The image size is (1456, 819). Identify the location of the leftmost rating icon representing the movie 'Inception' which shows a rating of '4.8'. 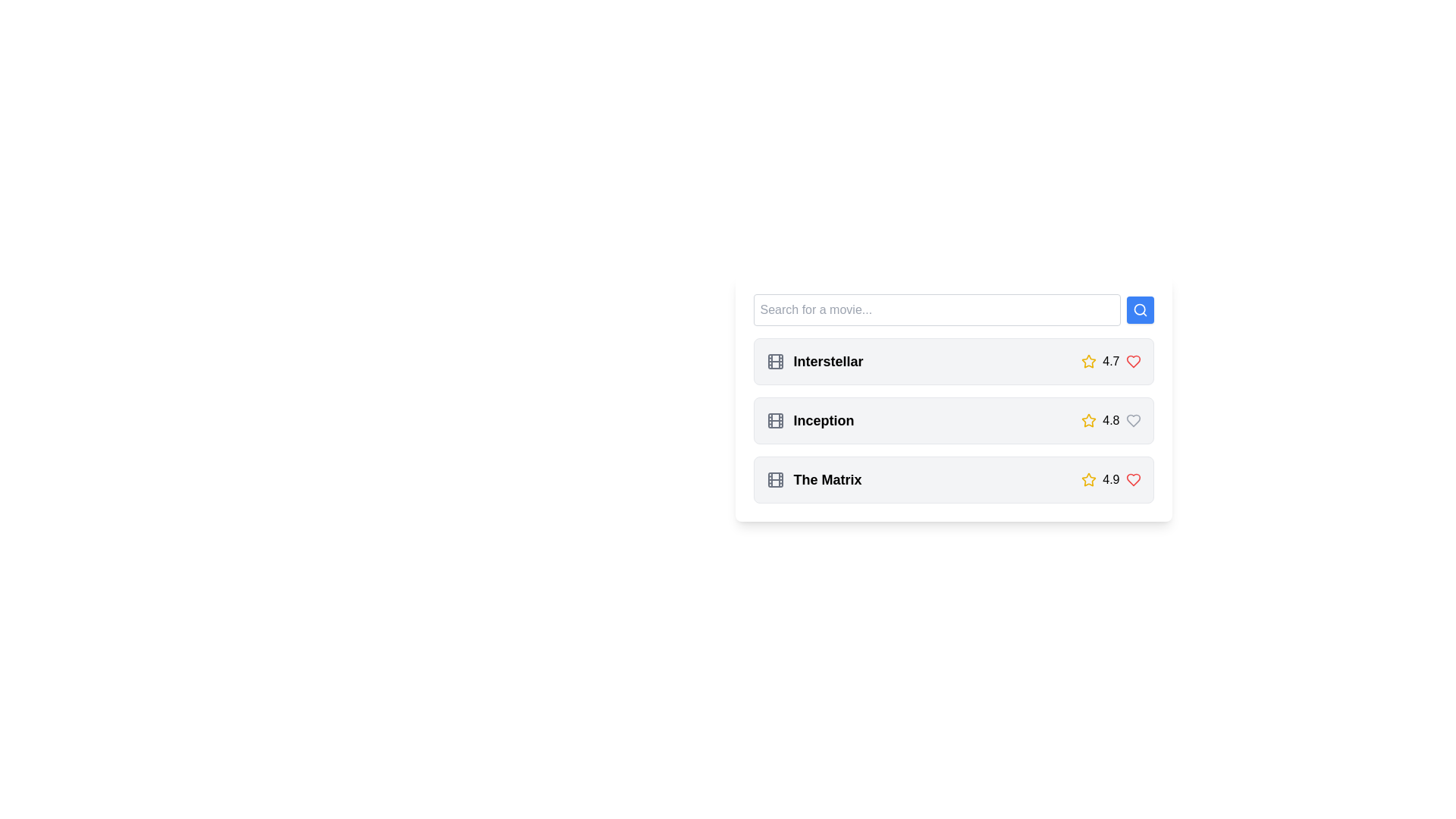
(1088, 421).